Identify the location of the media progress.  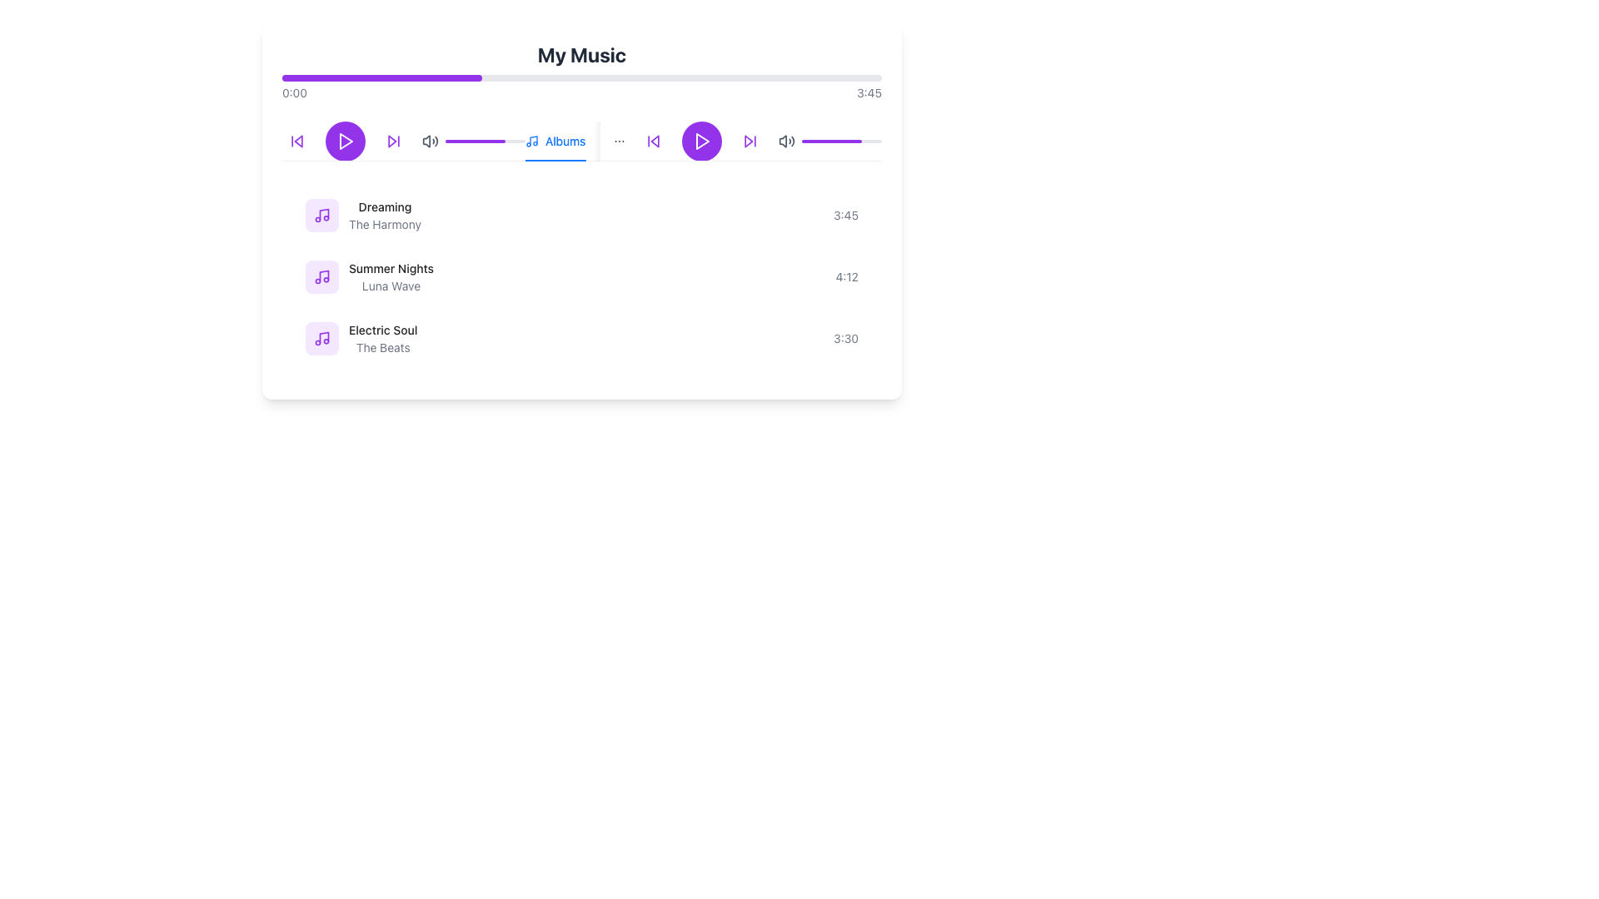
(448, 77).